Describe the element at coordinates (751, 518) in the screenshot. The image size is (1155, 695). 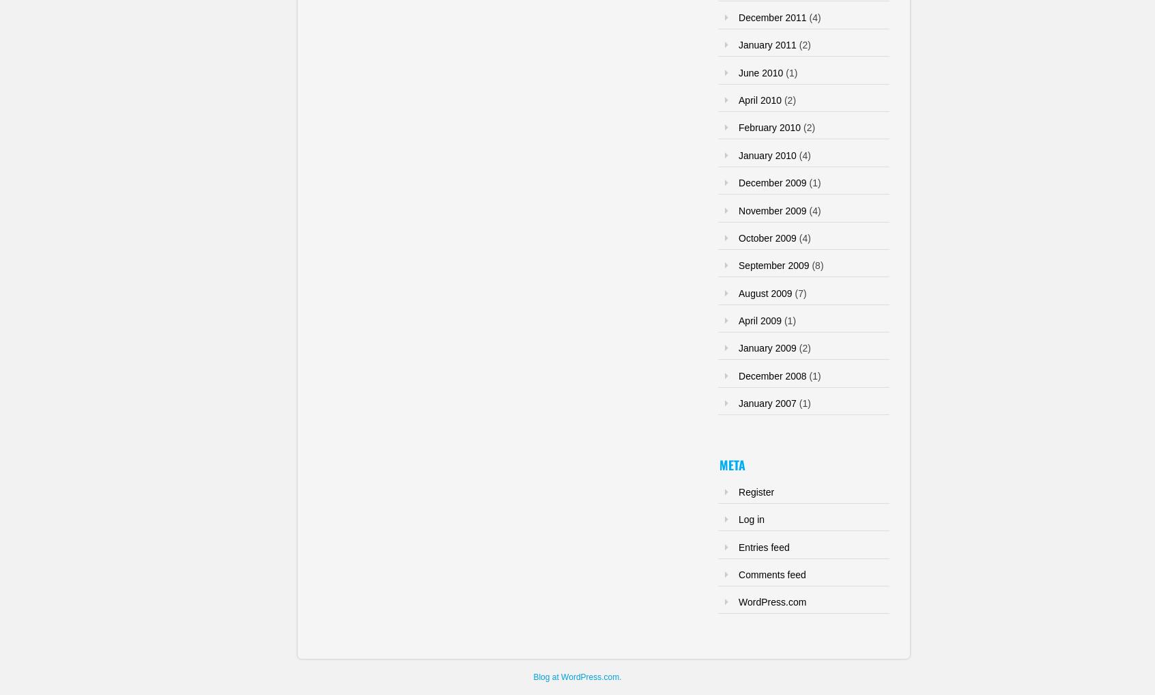
I see `'Log in'` at that location.